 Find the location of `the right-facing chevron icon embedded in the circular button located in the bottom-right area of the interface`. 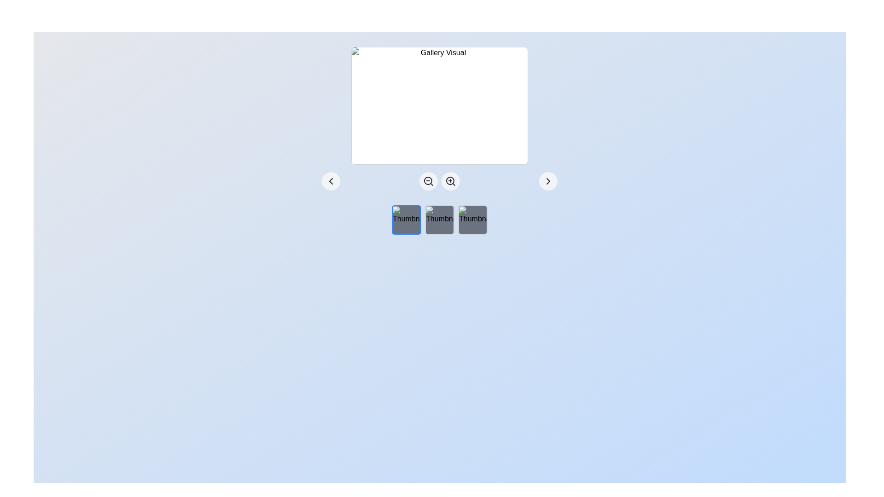

the right-facing chevron icon embedded in the circular button located in the bottom-right area of the interface is located at coordinates (548, 181).